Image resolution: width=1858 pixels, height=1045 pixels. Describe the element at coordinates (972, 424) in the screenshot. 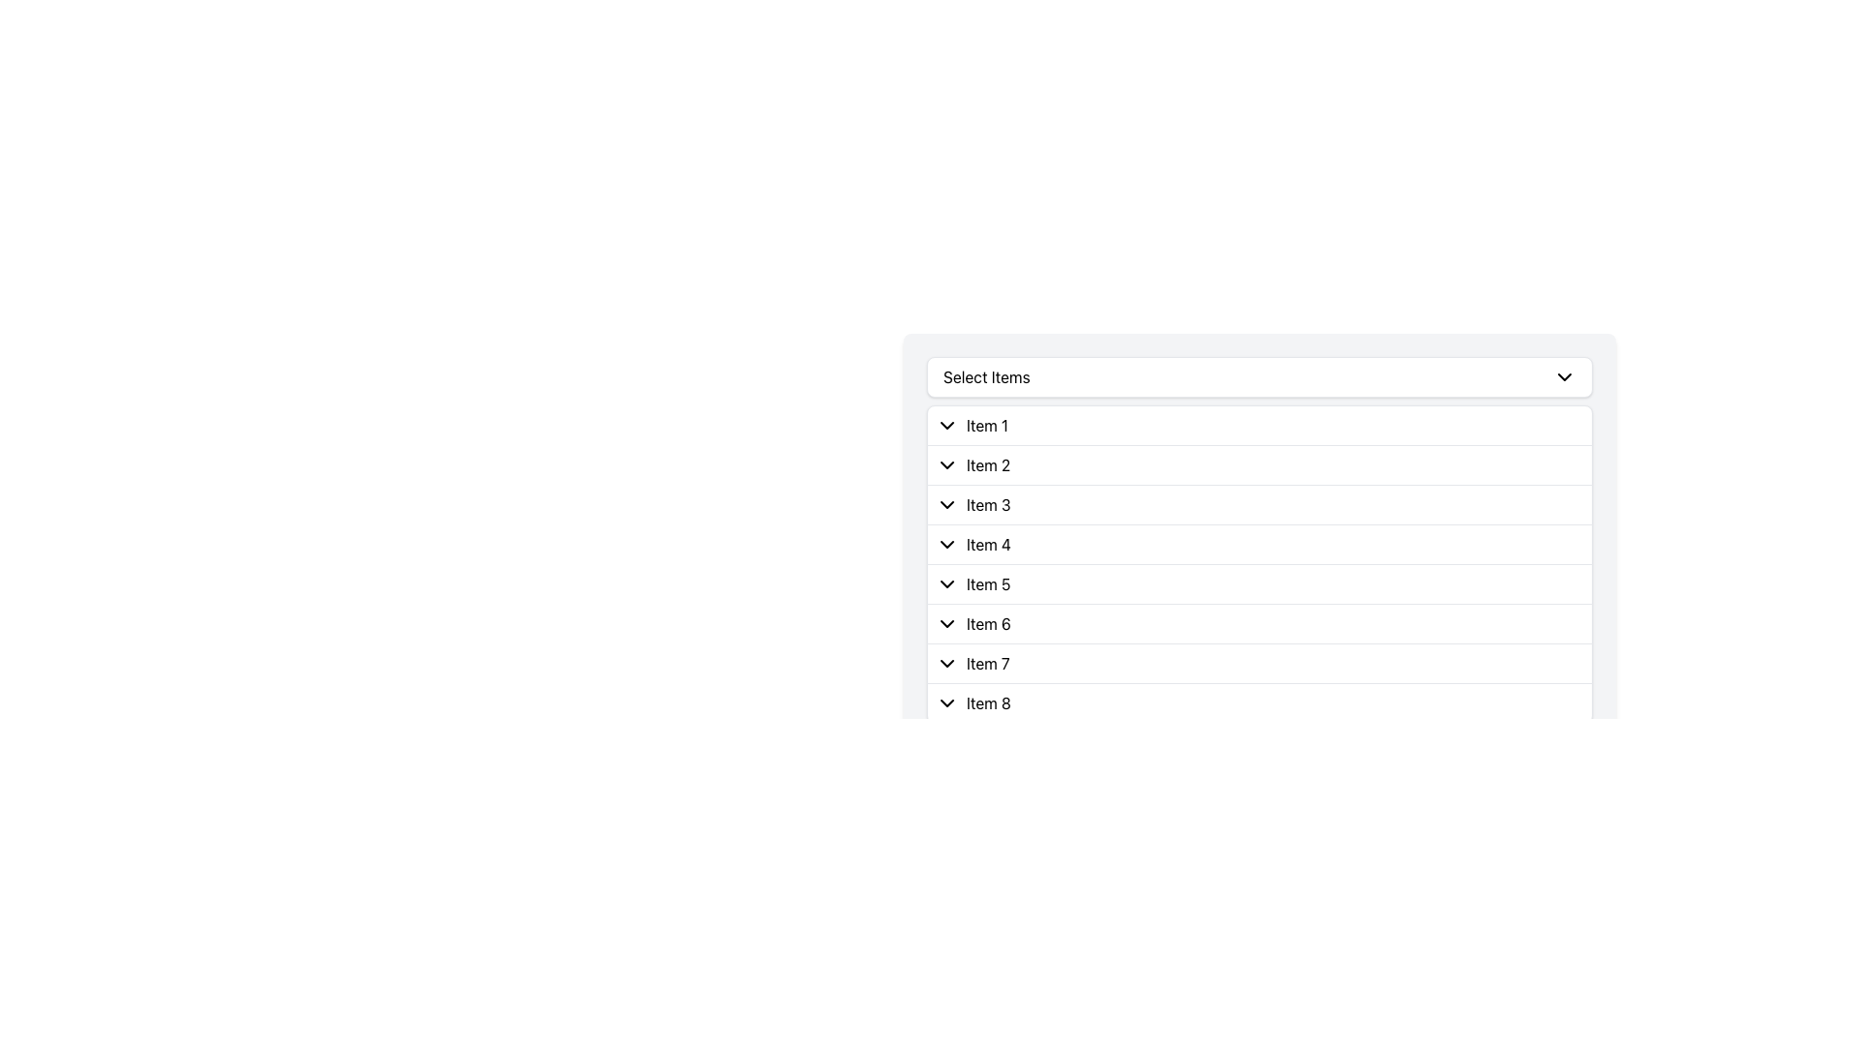

I see `the chevron icon on the first list item` at that location.